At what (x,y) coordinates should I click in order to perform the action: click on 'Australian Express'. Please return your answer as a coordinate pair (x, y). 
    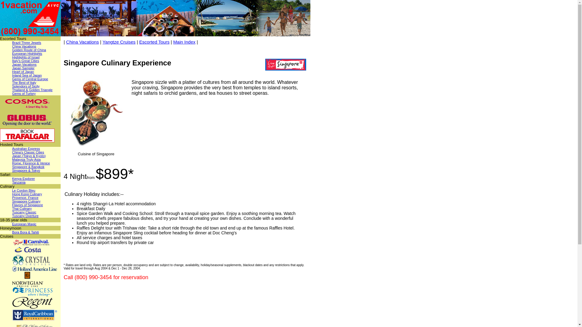
    Looking at the image, I should click on (12, 148).